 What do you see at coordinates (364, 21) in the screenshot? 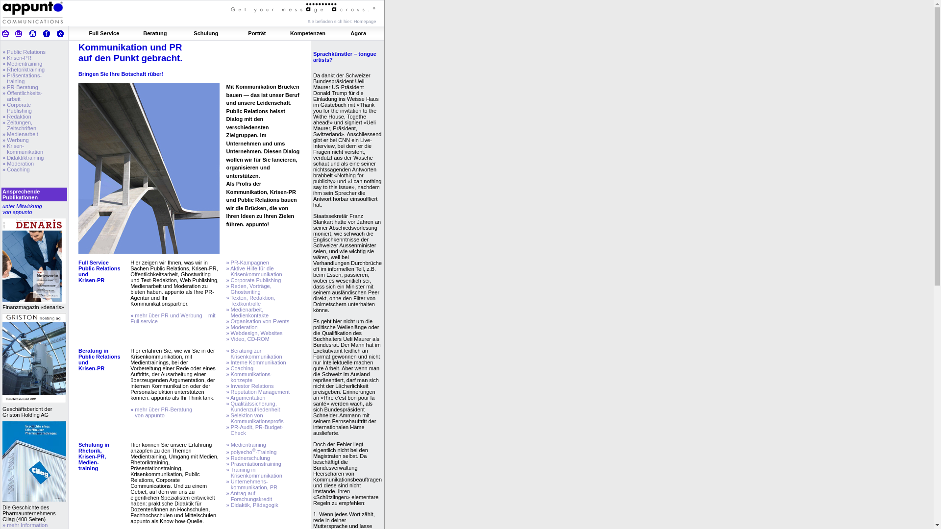
I see `'Homepage'` at bounding box center [364, 21].